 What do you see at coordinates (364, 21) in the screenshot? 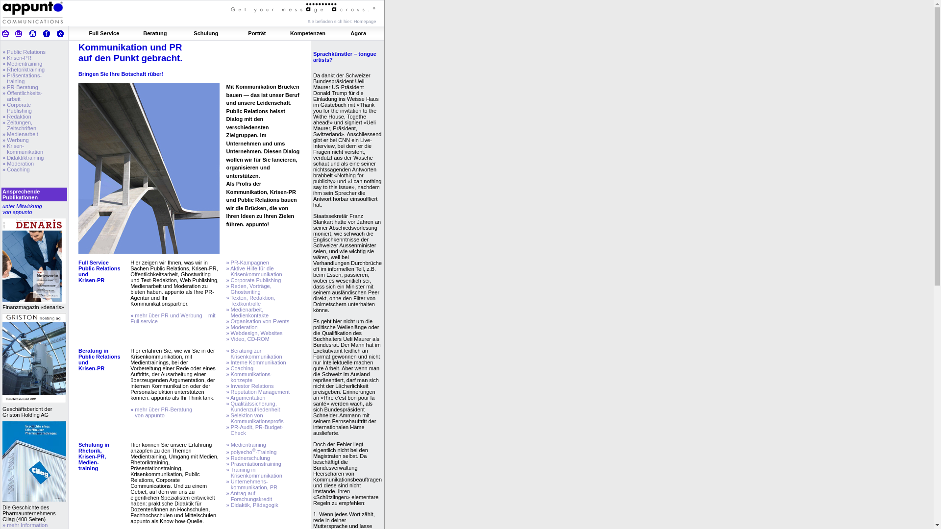
I see `'Homepage'` at bounding box center [364, 21].